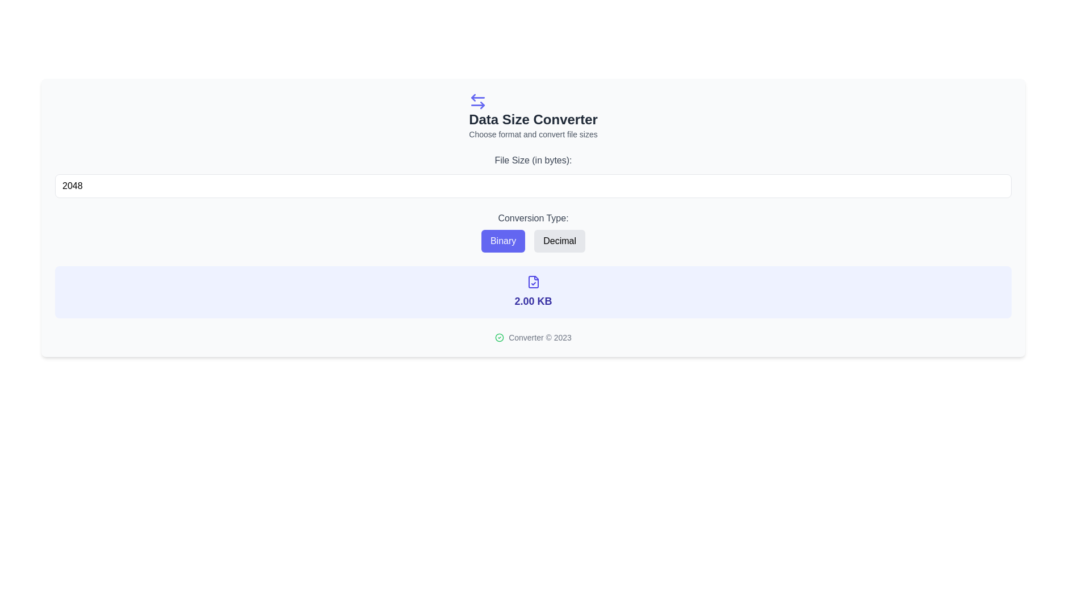  What do you see at coordinates (533, 120) in the screenshot?
I see `main title text located centrally at the top of the page, which describes the purpose of converting data sizes and is positioned above the descriptive text 'Choose format and convert file sizes'` at bounding box center [533, 120].